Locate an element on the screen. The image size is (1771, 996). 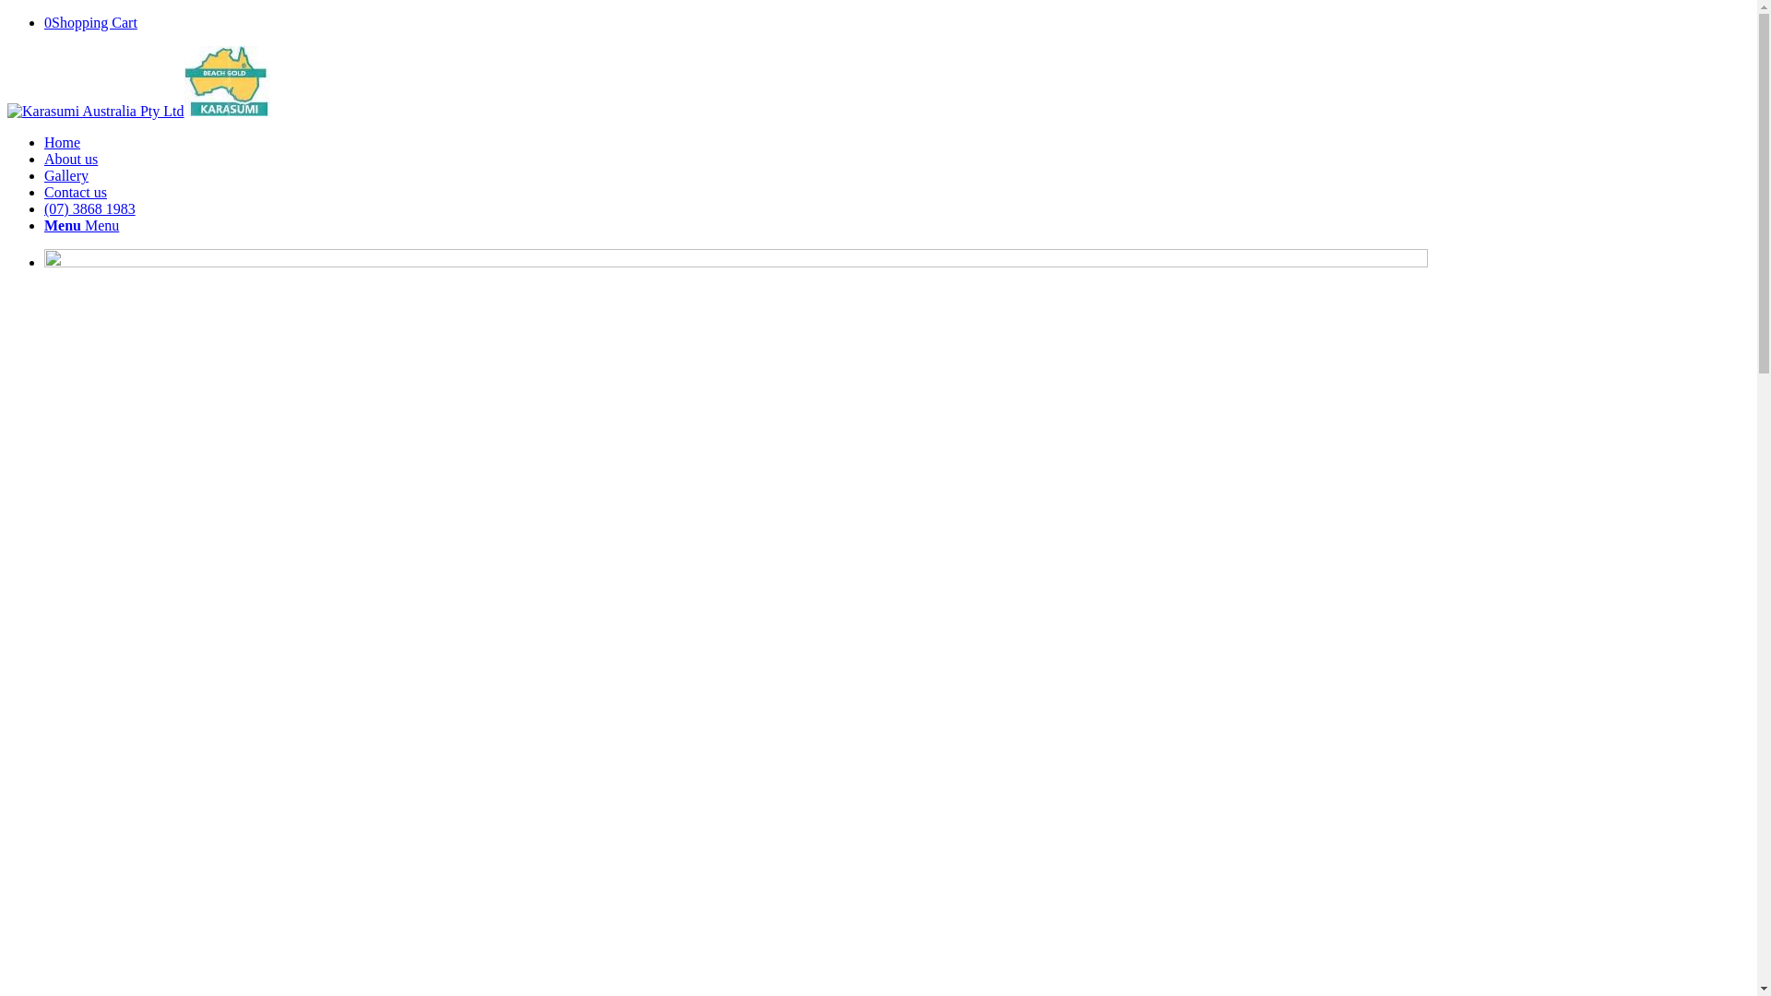
'thumbnail_LOGO' is located at coordinates (226, 80).